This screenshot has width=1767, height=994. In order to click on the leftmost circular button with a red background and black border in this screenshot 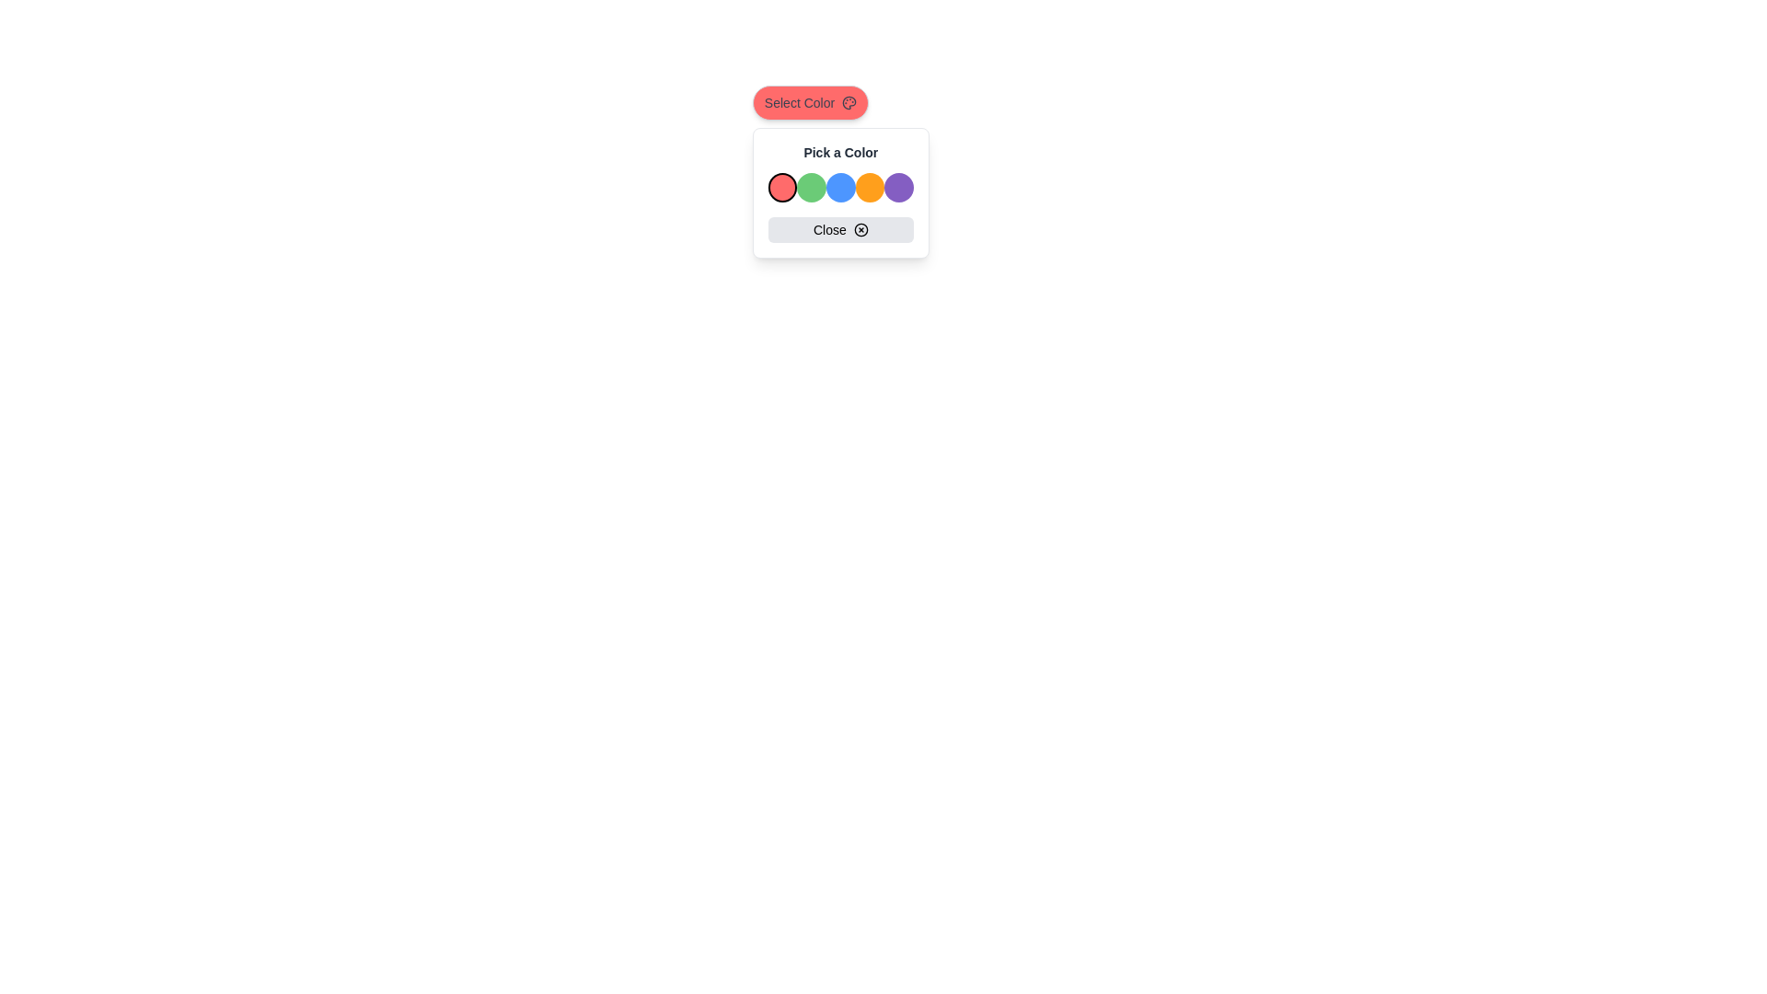, I will do `click(782, 188)`.